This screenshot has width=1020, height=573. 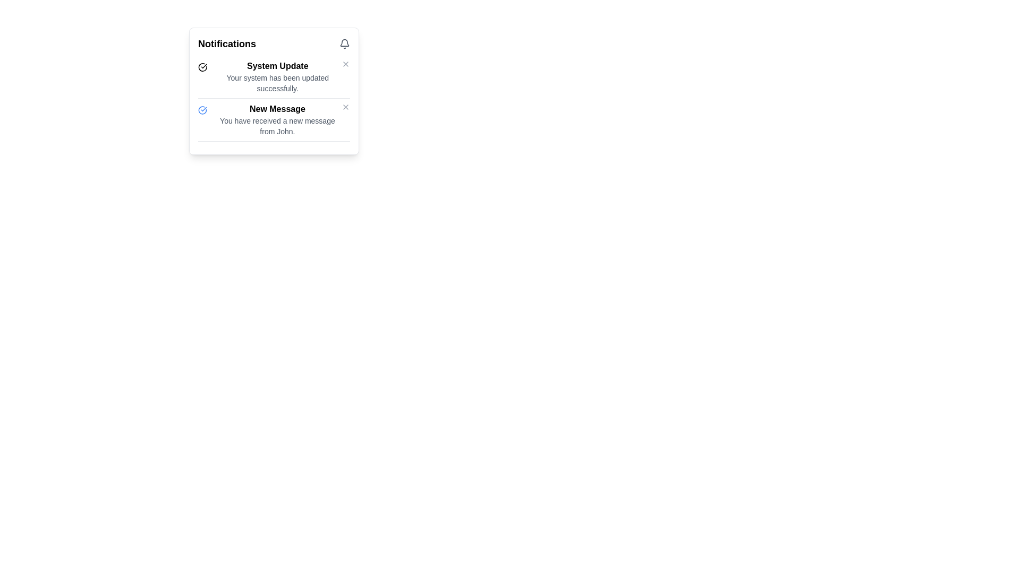 I want to click on the Notification item titled 'New Message' which notifies about a new message from John, so click(x=277, y=119).